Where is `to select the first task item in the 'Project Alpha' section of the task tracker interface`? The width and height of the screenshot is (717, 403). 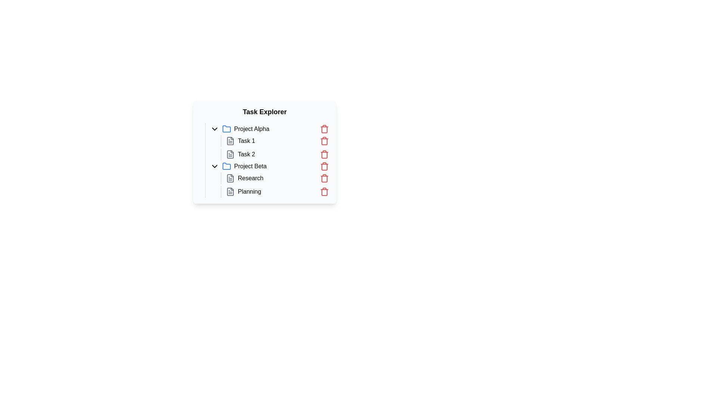
to select the first task item in the 'Project Alpha' section of the task tracker interface is located at coordinates (275, 141).